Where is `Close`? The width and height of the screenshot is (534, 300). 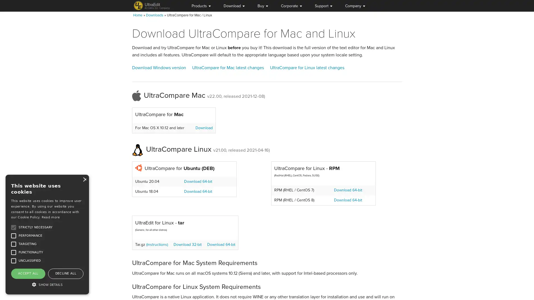 Close is located at coordinates (84, 179).